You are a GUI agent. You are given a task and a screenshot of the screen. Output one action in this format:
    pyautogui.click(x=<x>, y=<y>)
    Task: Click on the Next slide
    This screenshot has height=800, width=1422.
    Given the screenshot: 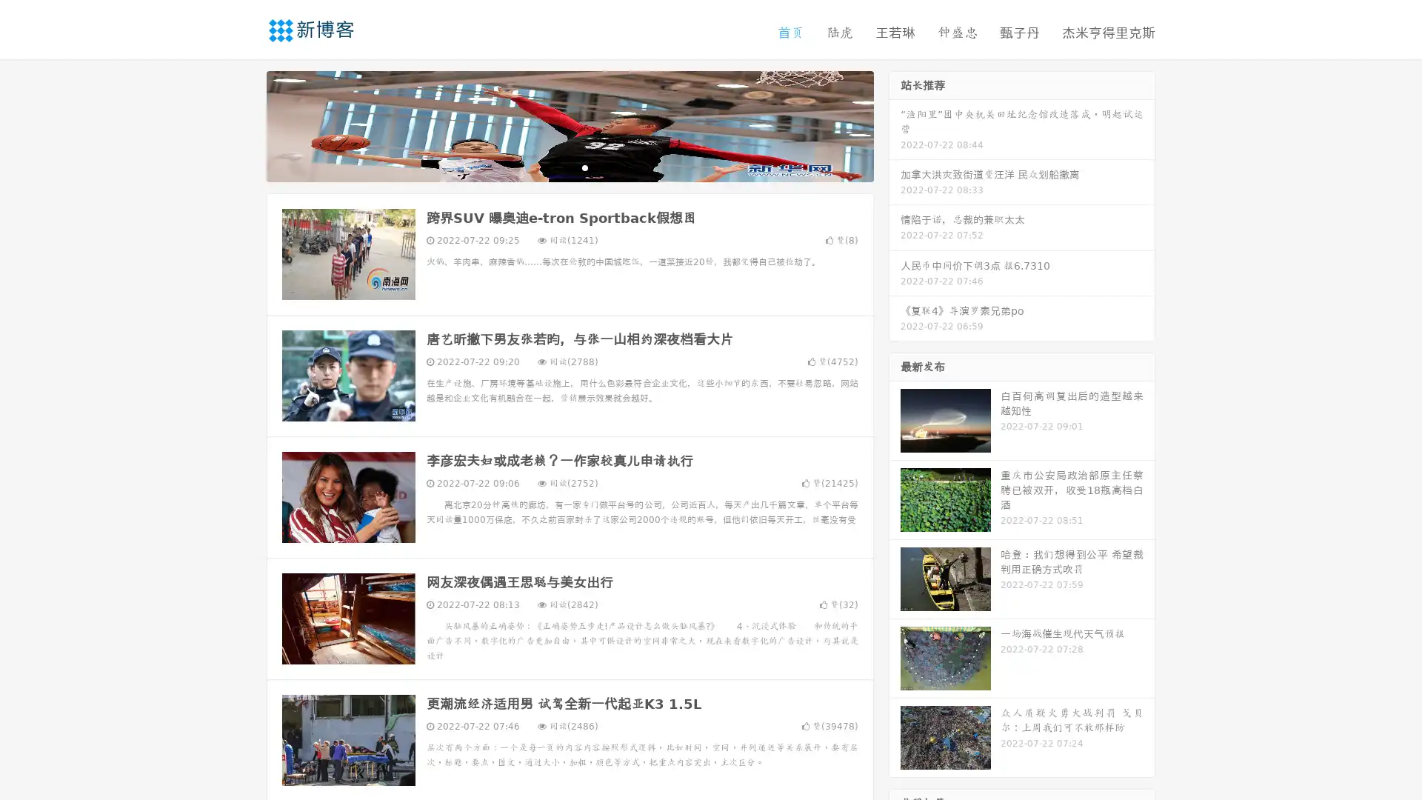 What is the action you would take?
    pyautogui.click(x=895, y=124)
    